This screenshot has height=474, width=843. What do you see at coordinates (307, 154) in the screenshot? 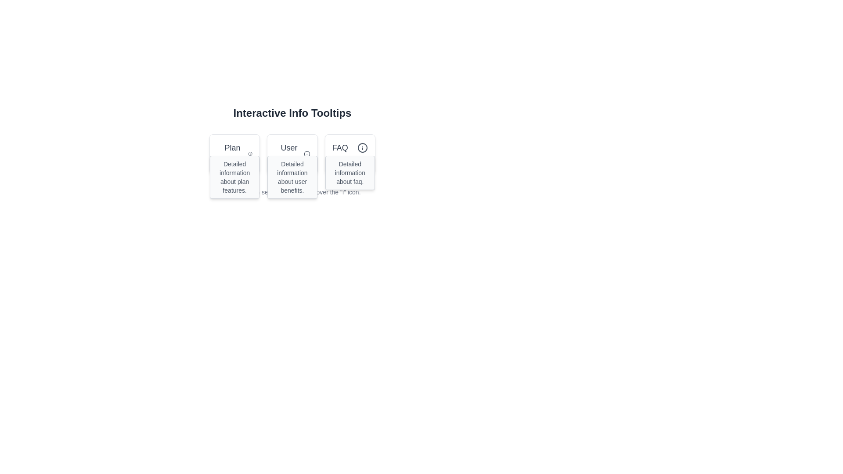
I see `the outer border circle of the information icon within the 'User' card` at bounding box center [307, 154].